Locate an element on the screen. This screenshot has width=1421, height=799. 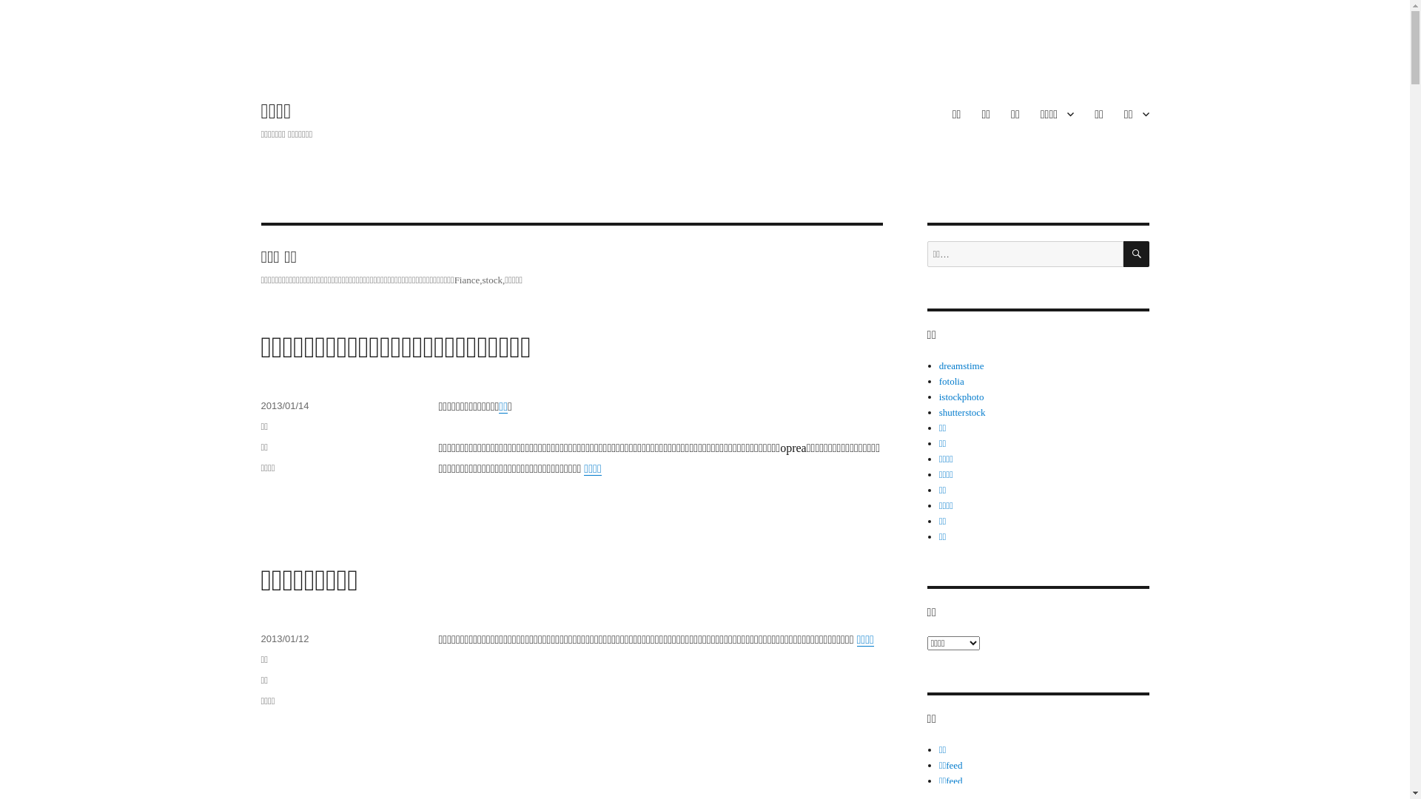
'2013/01/12' is located at coordinates (284, 638).